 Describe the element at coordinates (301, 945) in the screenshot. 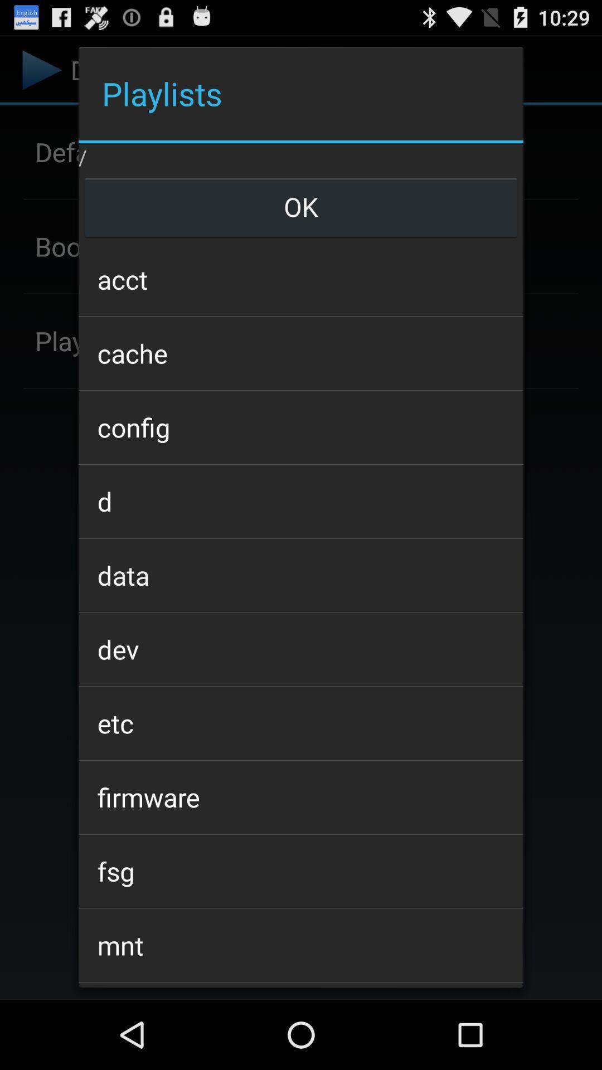

I see `mnt` at that location.